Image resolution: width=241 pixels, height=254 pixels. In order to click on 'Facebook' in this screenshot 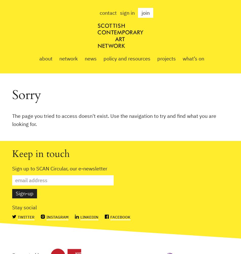, I will do `click(120, 217)`.